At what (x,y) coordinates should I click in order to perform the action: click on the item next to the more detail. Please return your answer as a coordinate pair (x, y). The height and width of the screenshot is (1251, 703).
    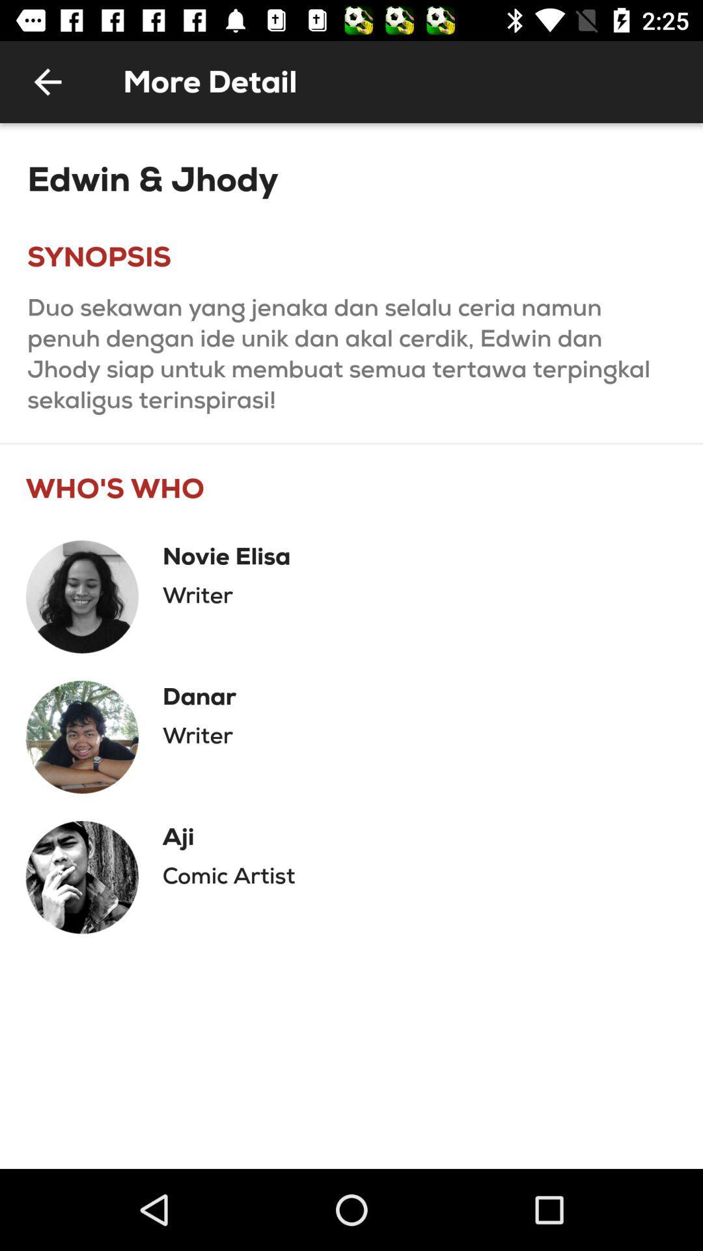
    Looking at the image, I should click on (47, 81).